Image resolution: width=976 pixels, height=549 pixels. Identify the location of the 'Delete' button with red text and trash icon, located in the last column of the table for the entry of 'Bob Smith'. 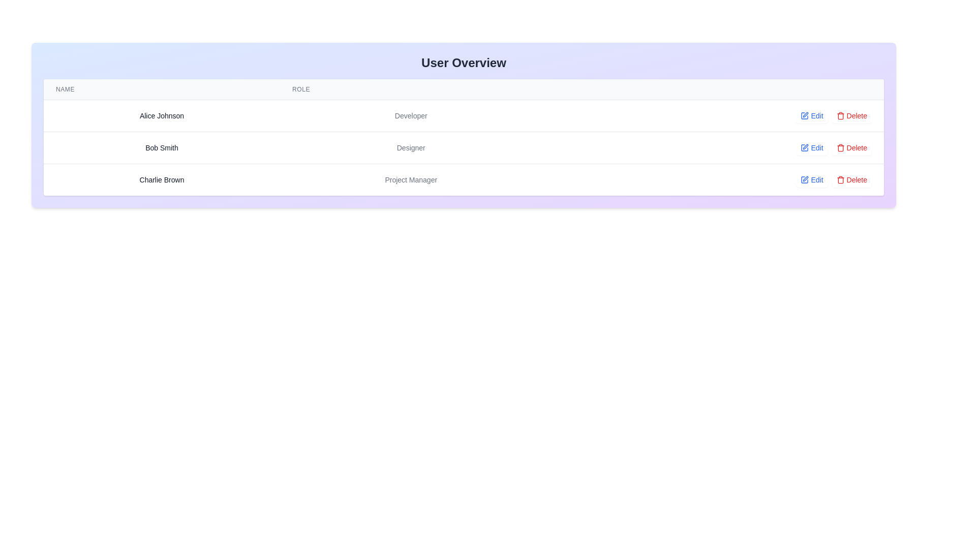
(851, 115).